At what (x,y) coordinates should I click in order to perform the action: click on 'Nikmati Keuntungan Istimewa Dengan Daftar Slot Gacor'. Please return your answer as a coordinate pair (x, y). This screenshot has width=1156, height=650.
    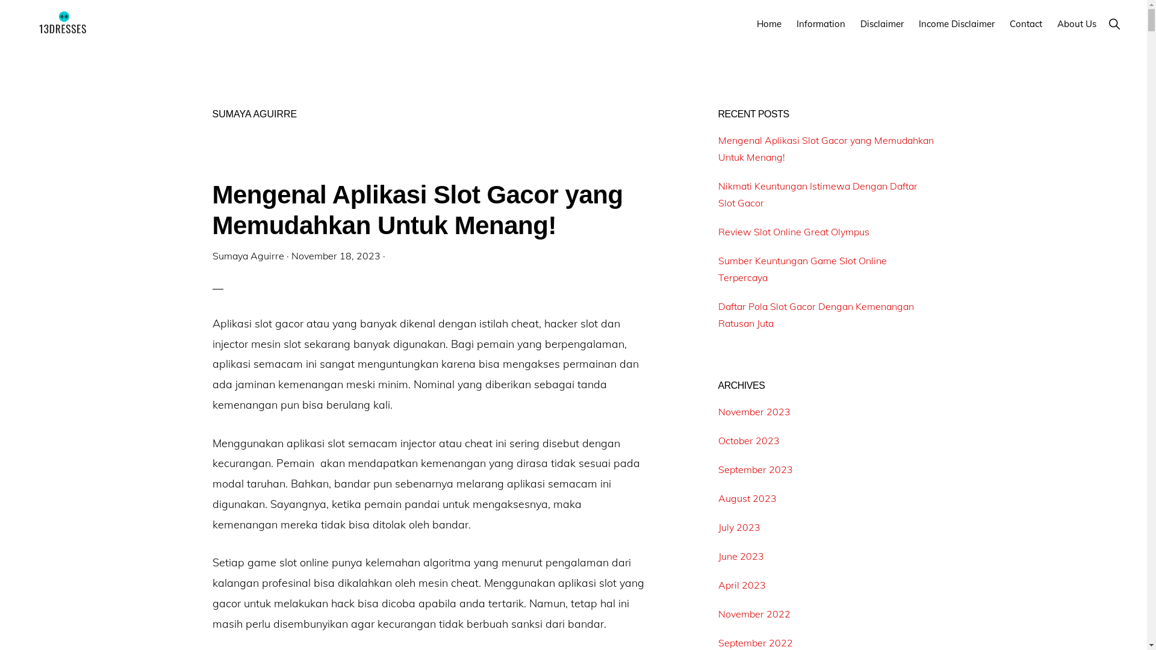
    Looking at the image, I should click on (817, 194).